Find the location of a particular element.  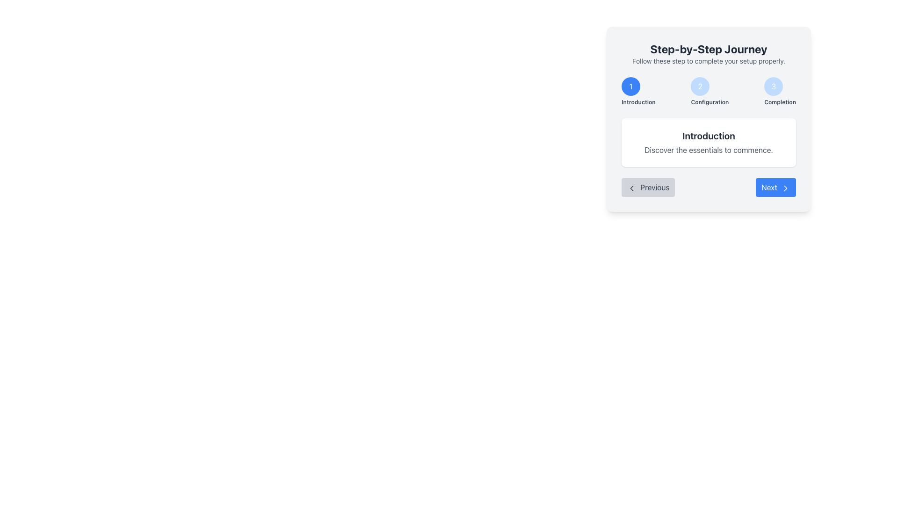

the 'Configuration' text label styled in a small, bold gray font, located below the blue circular indicator with the number '2' is located at coordinates (710, 102).